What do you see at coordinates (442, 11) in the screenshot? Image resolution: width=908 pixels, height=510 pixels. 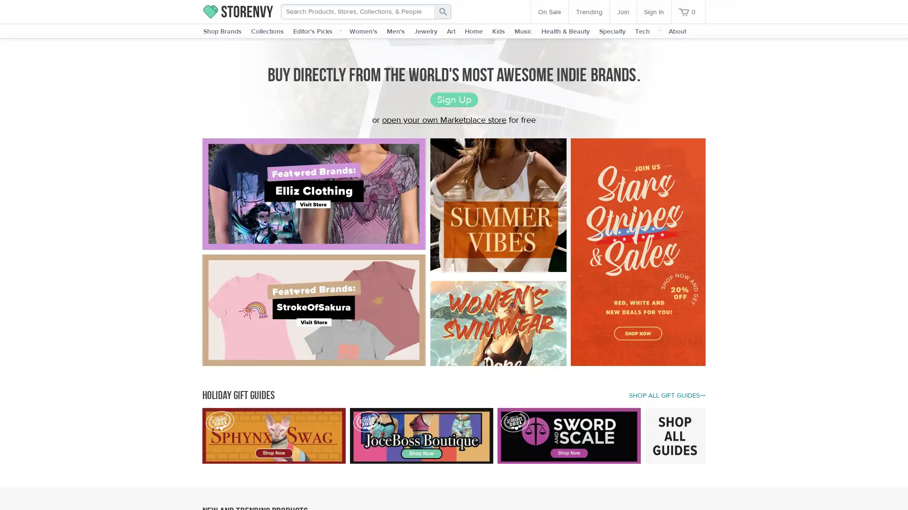 I see `Search` at bounding box center [442, 11].